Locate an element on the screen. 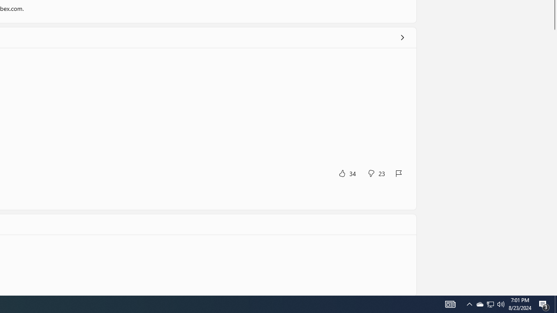 The image size is (557, 313). 'Yes, this was helpful. 34 votes.' is located at coordinates (346, 173).